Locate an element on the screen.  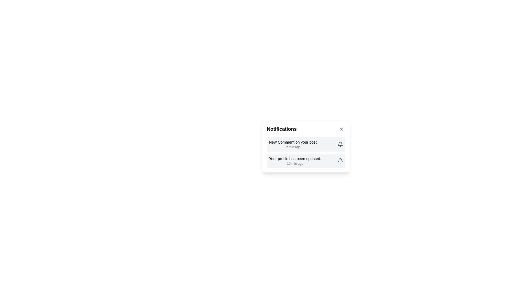
timestamp displayed beneath the 'Your profile has been updated.' notification label is located at coordinates (295, 163).